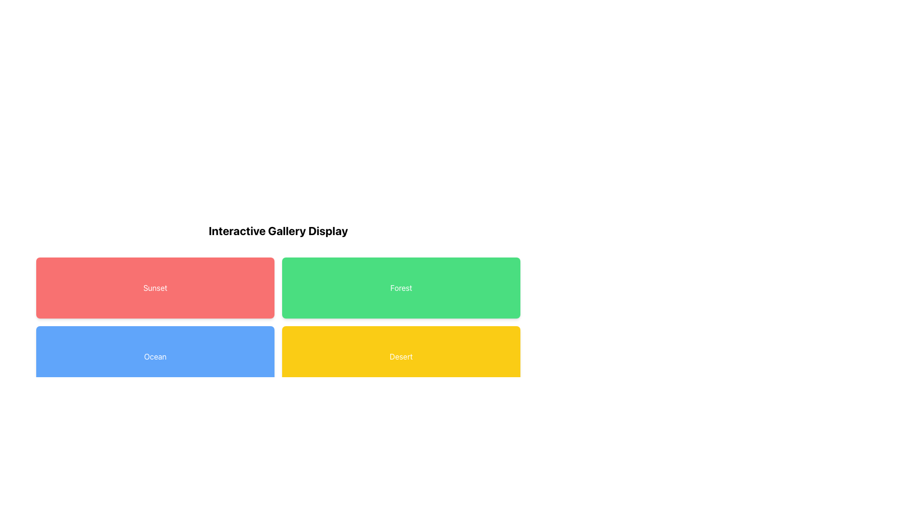  Describe the element at coordinates (401, 357) in the screenshot. I see `the text label displaying 'Desert' in white color, which is centrally placed within a yellow rectangular block located at the bottom-right corner of a two-row grid layout` at that location.